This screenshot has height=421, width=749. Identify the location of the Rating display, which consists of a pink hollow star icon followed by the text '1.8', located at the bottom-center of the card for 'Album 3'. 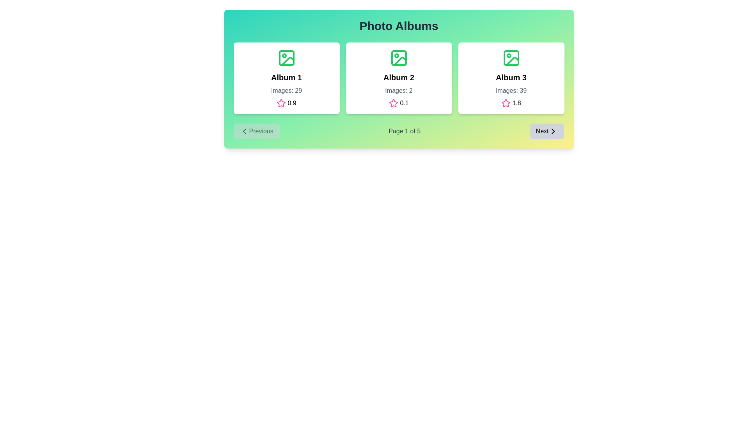
(511, 103).